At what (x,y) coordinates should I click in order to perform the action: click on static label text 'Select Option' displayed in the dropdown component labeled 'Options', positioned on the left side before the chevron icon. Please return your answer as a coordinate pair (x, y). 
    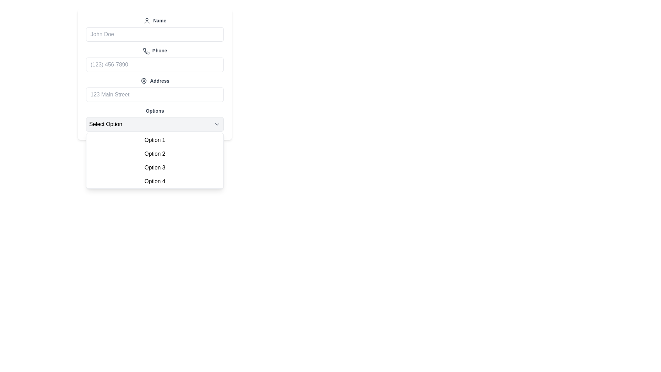
    Looking at the image, I should click on (105, 124).